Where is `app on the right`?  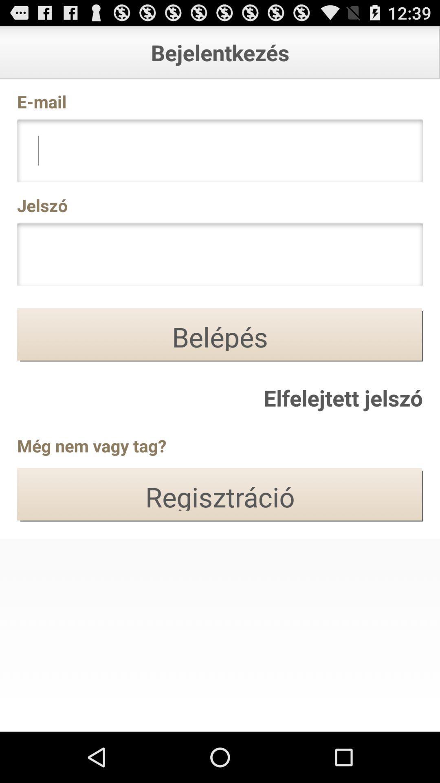
app on the right is located at coordinates (343, 398).